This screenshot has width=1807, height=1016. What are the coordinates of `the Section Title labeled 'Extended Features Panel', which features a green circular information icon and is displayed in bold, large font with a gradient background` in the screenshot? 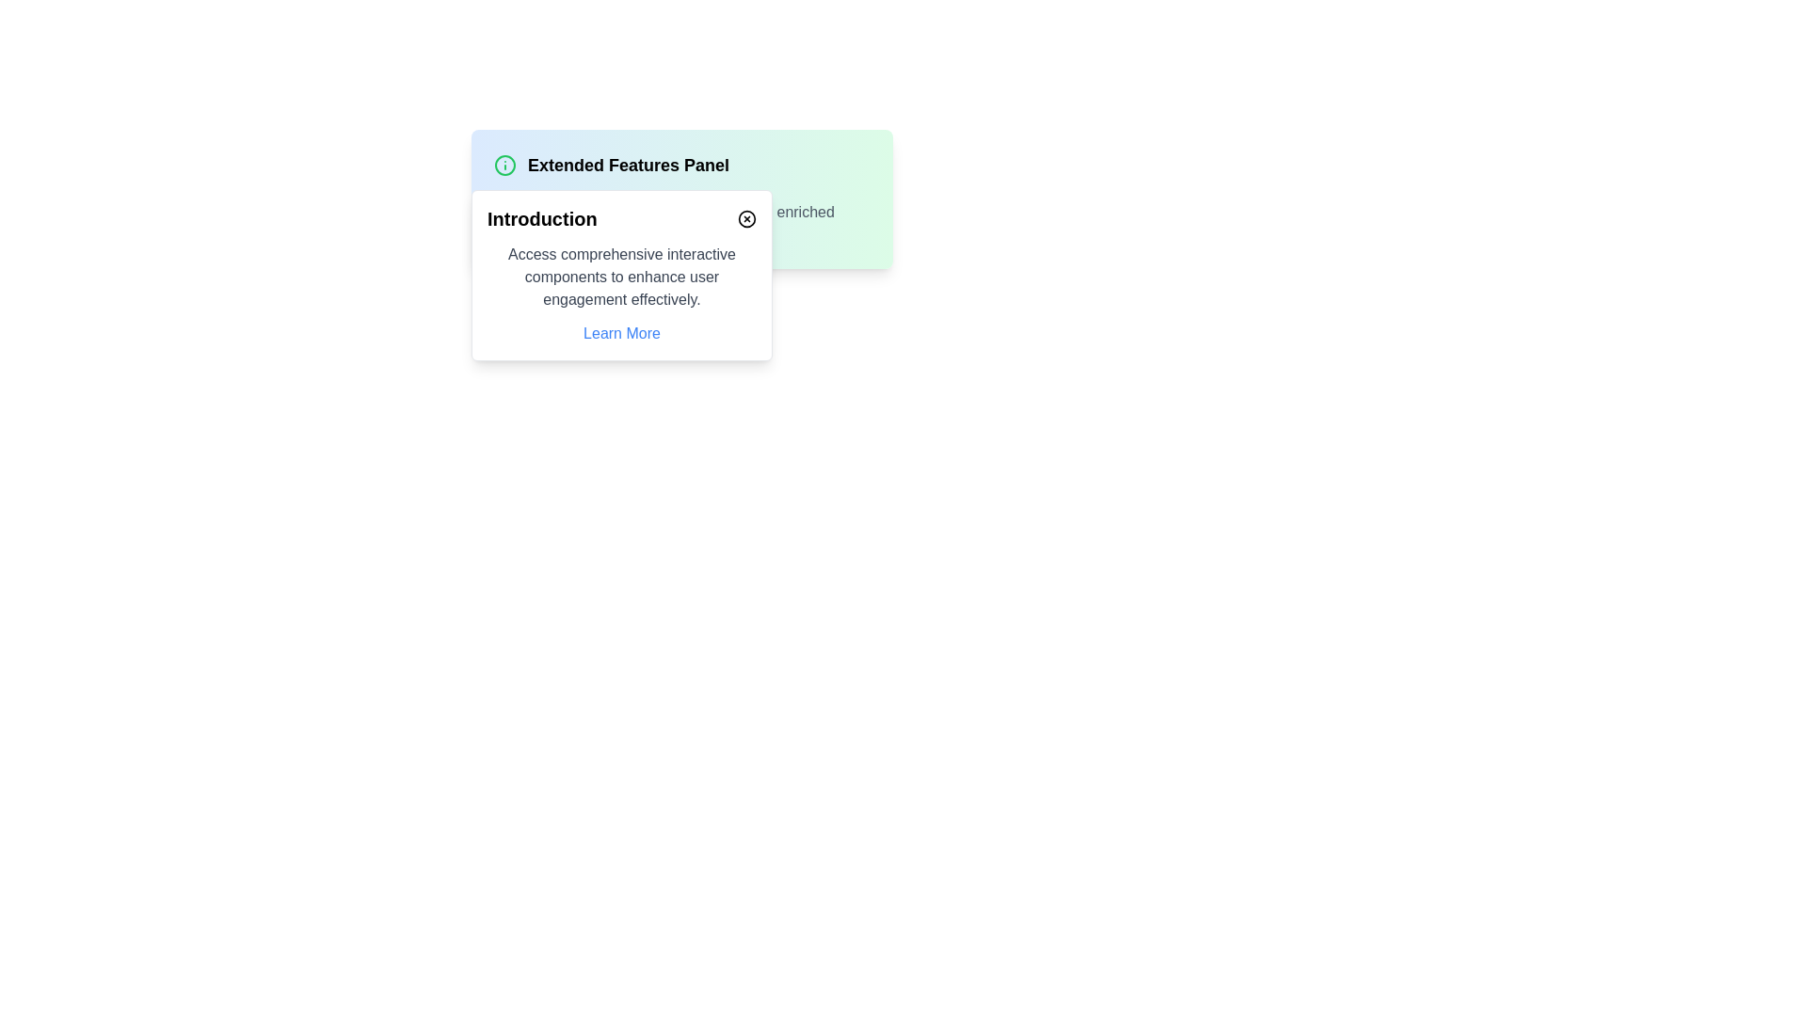 It's located at (680, 165).